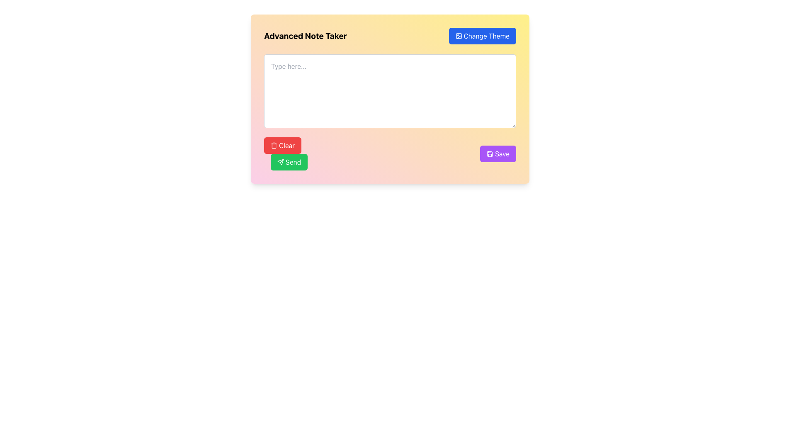 The image size is (796, 448). What do you see at coordinates (274, 145) in the screenshot?
I see `the trash can icon located on the left side of the 'Clear' button to clear the input` at bounding box center [274, 145].